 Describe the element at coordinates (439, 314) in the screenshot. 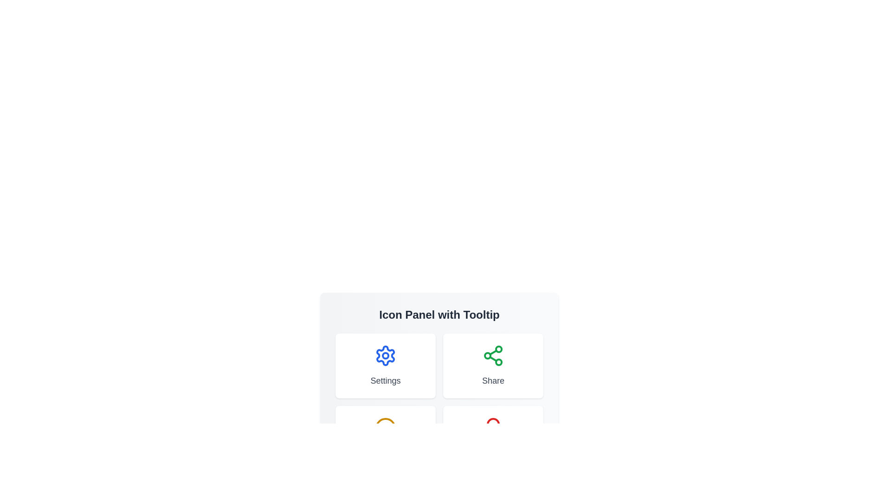

I see `the Text element stating 'Icon Panel with Tooltip', which is a bold, large font heading in dark gray, positioned above a grid of icon buttons` at that location.